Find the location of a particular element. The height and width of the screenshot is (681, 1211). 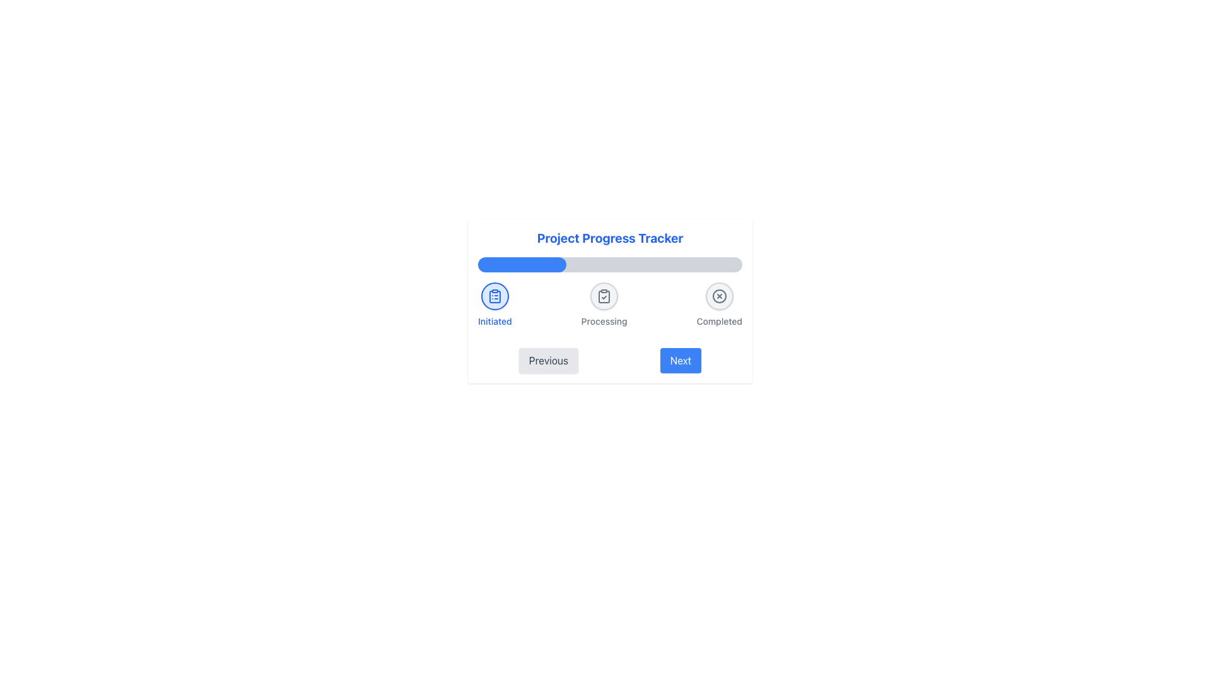

the 'Processing' label that is centrally positioned beneath the clipboard icon in the progress tracker interface is located at coordinates (604, 320).